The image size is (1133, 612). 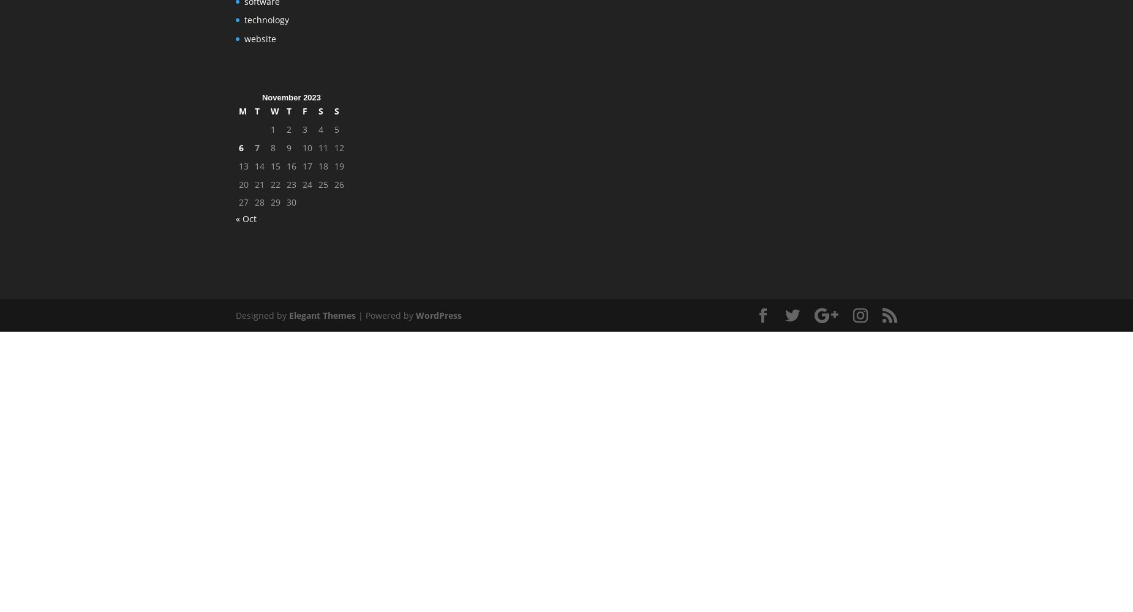 What do you see at coordinates (439, 315) in the screenshot?
I see `'WordPress'` at bounding box center [439, 315].